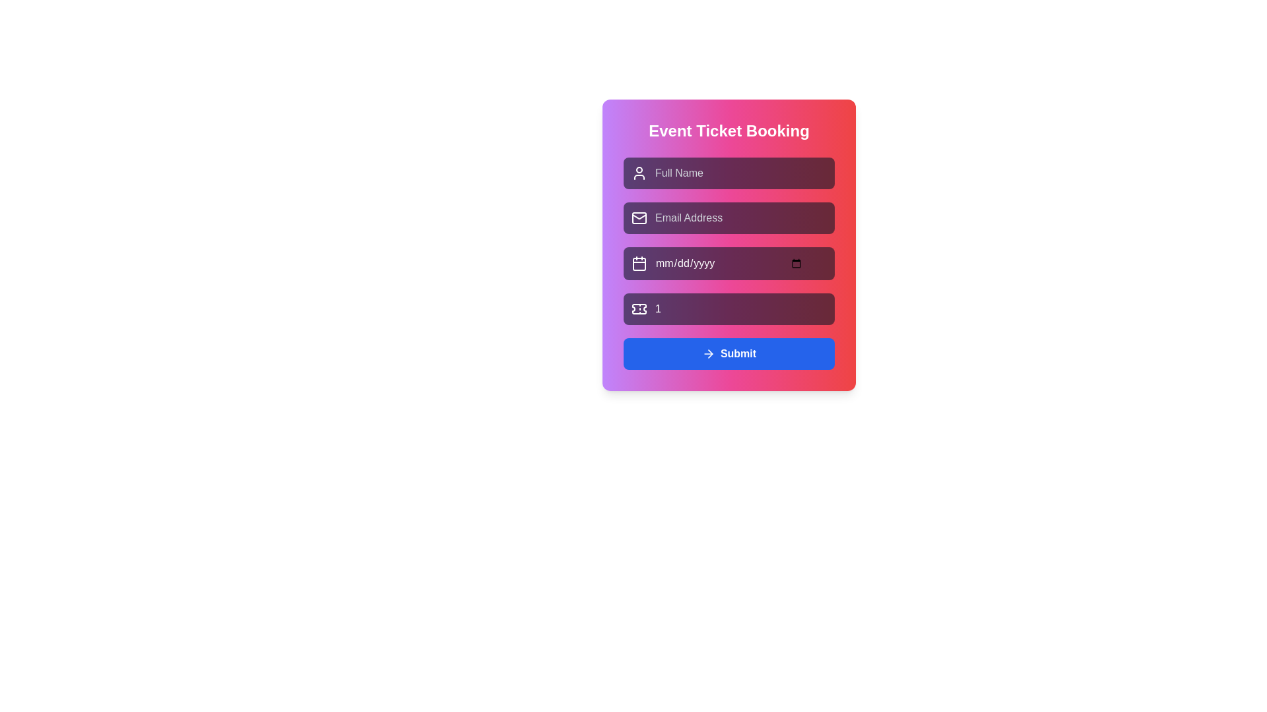  What do you see at coordinates (639, 172) in the screenshot?
I see `the user silhouette SVG icon located at the leftmost position of the 'Full Name' input field in the event booking form, which is styled in white against a purple background` at bounding box center [639, 172].